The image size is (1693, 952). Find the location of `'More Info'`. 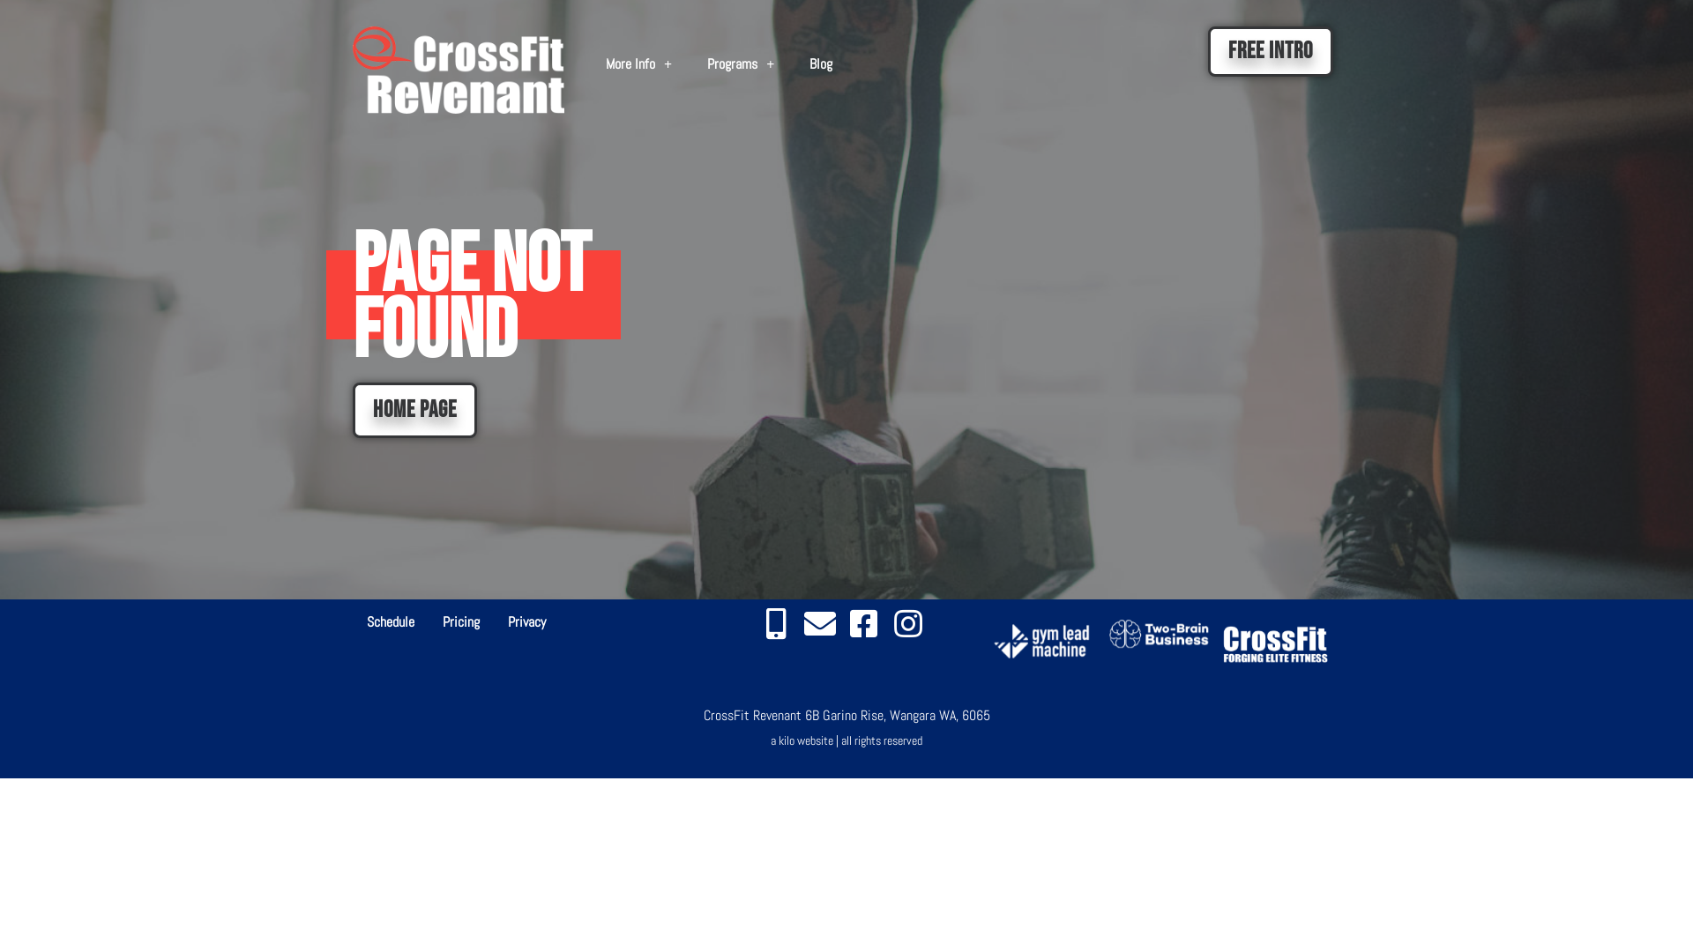

'More Info' is located at coordinates (588, 63).